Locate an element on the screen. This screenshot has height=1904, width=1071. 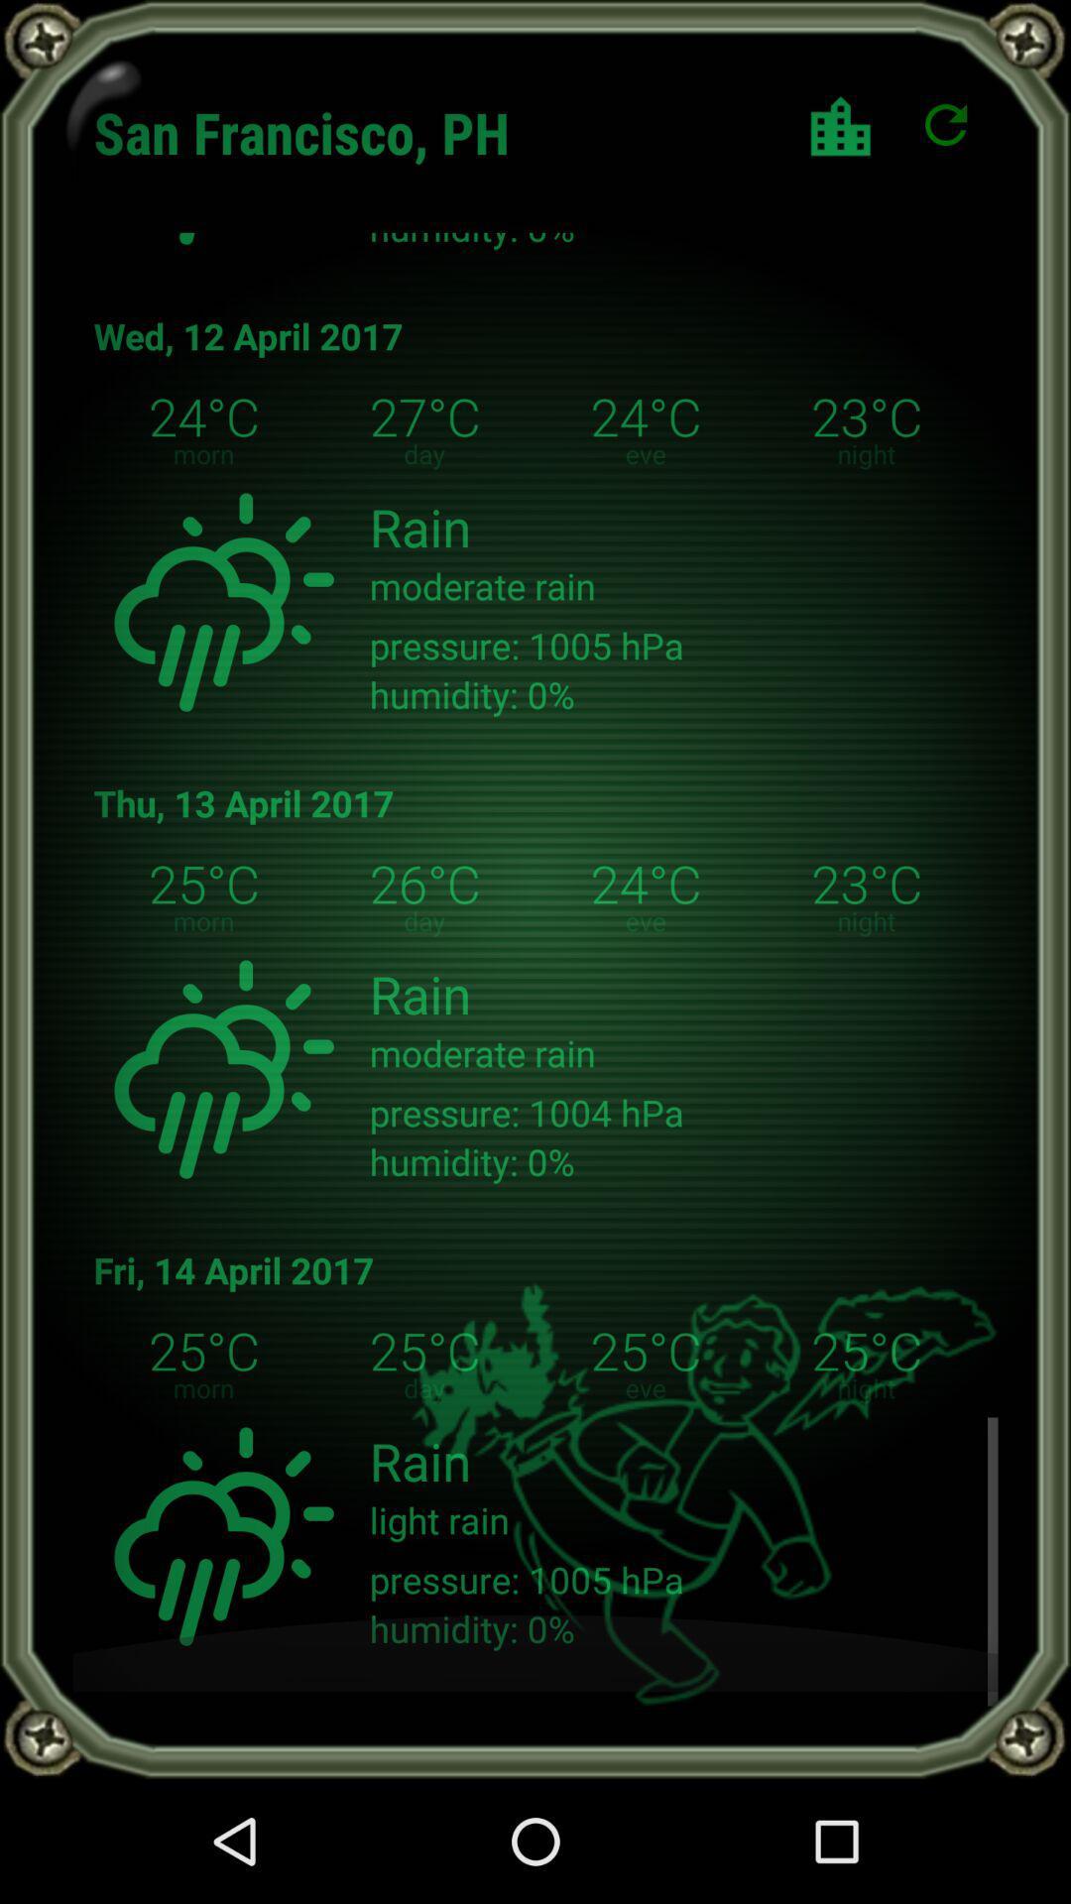
the refresh icon is located at coordinates (944, 123).